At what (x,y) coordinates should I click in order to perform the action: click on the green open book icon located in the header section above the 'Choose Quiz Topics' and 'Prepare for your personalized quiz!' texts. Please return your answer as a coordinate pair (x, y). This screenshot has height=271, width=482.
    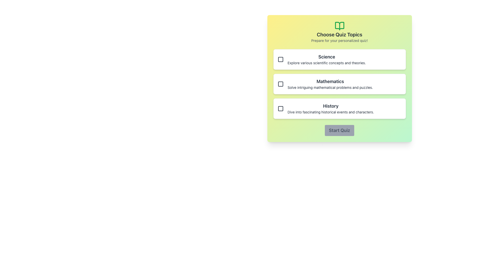
    Looking at the image, I should click on (339, 26).